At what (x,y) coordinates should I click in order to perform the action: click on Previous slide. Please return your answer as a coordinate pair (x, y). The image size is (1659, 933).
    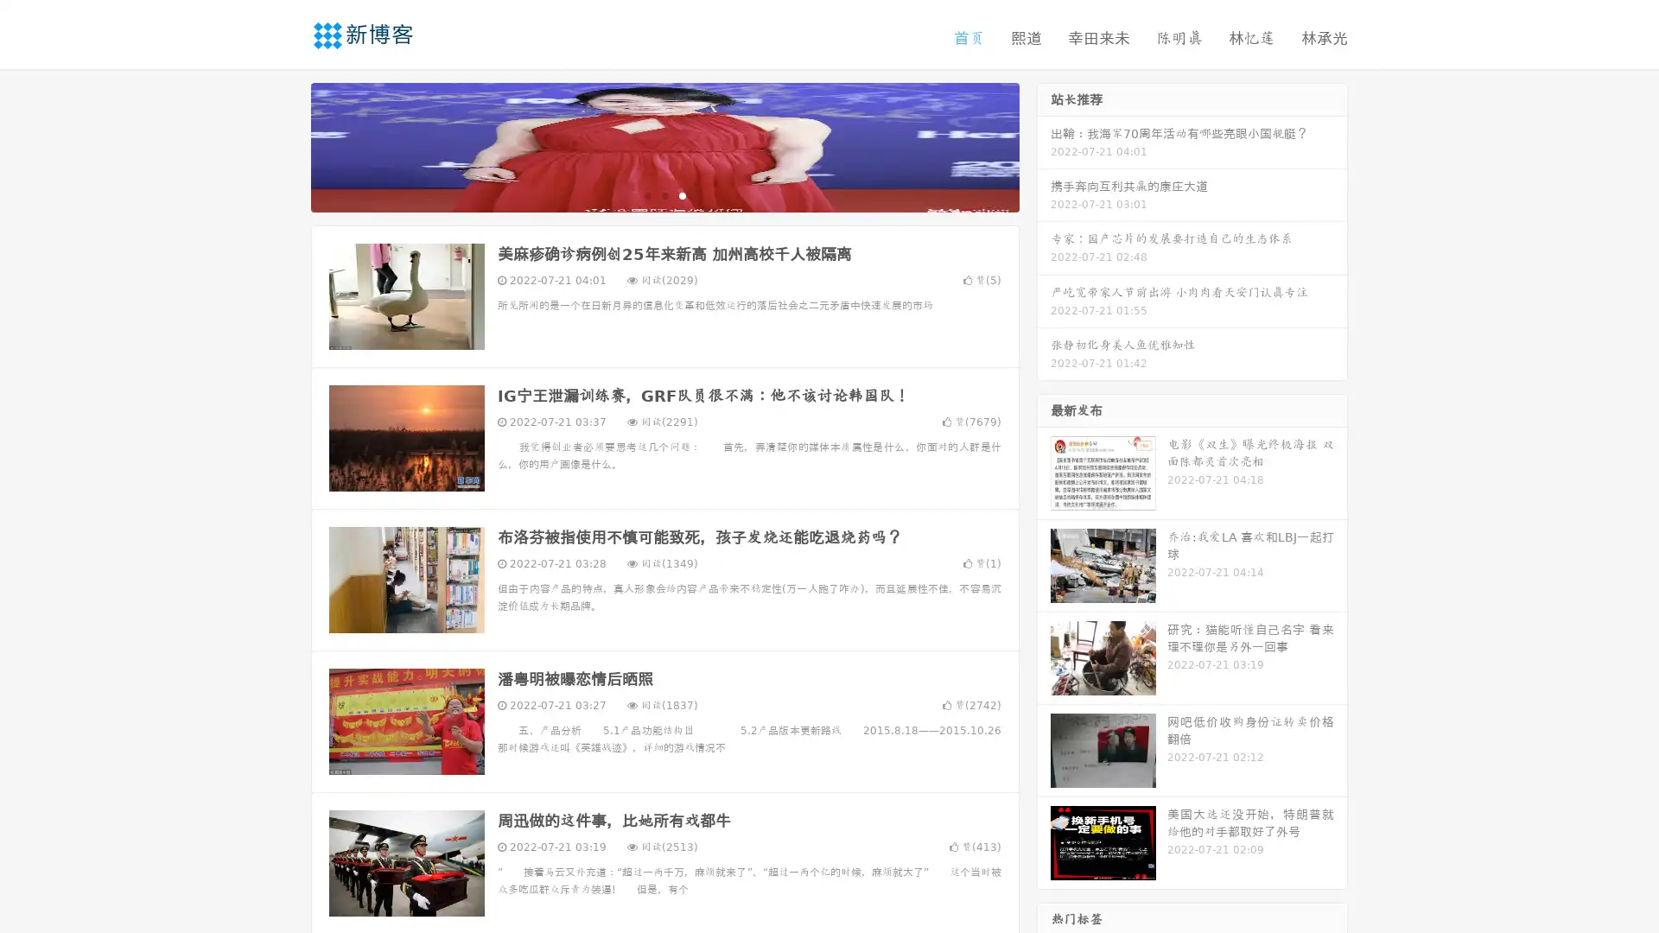
    Looking at the image, I should click on (285, 145).